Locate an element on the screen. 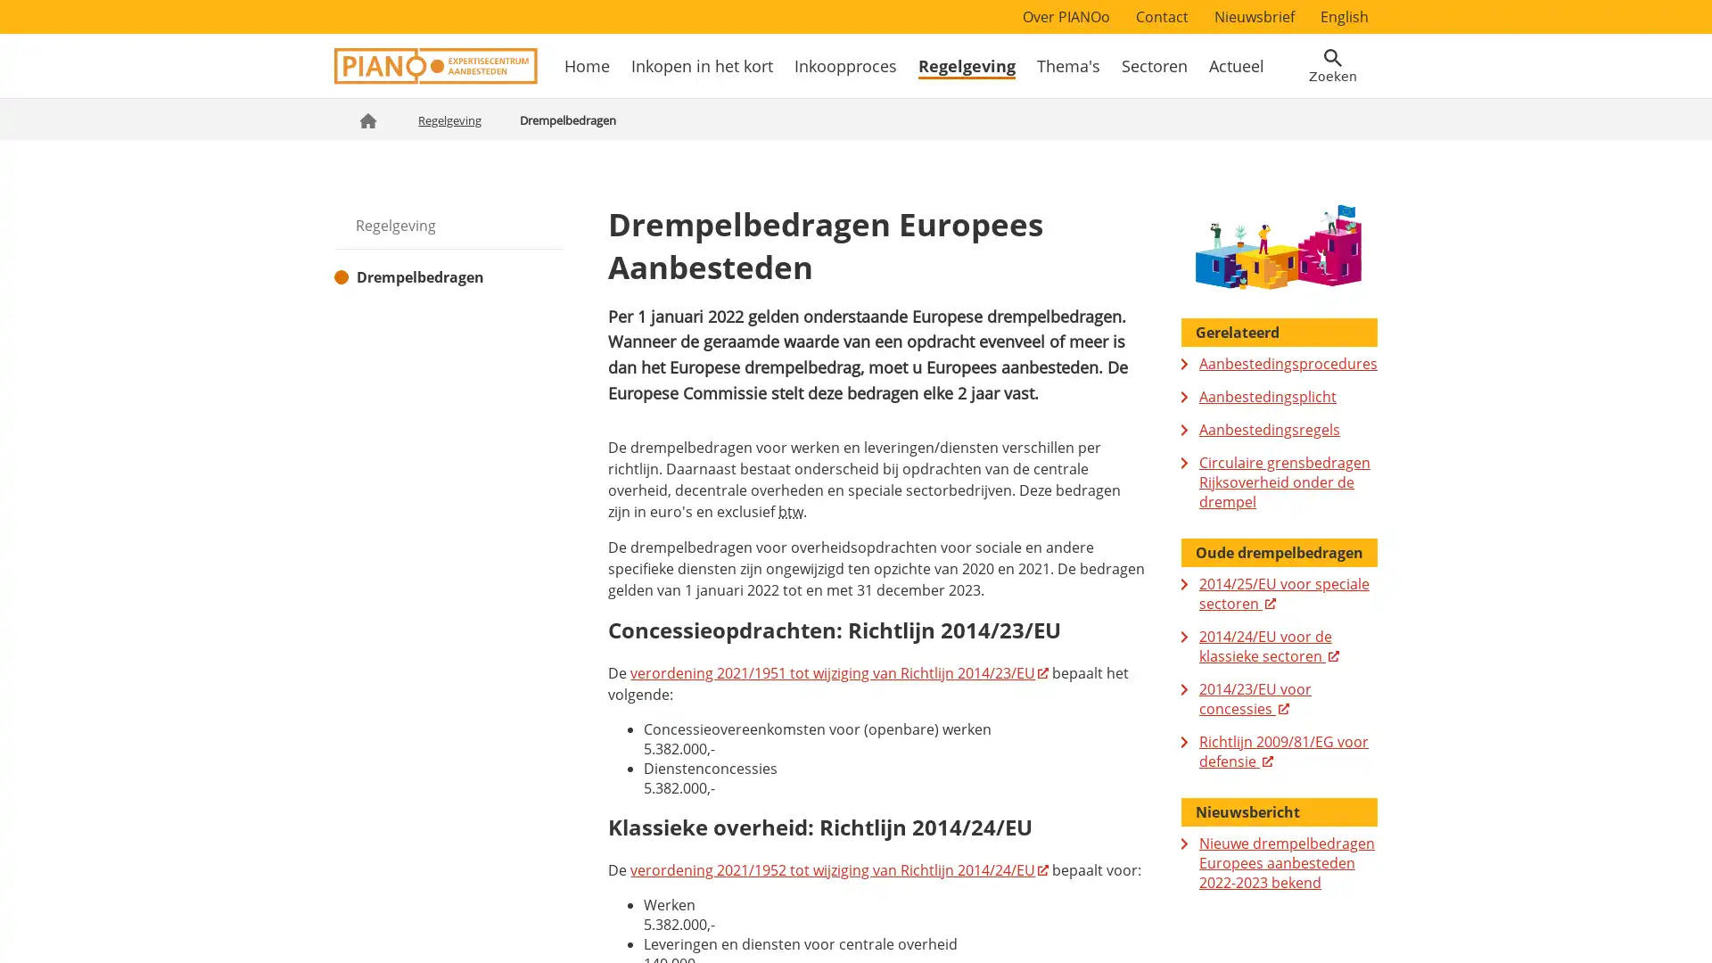  Open zoekveld is located at coordinates (1332, 64).